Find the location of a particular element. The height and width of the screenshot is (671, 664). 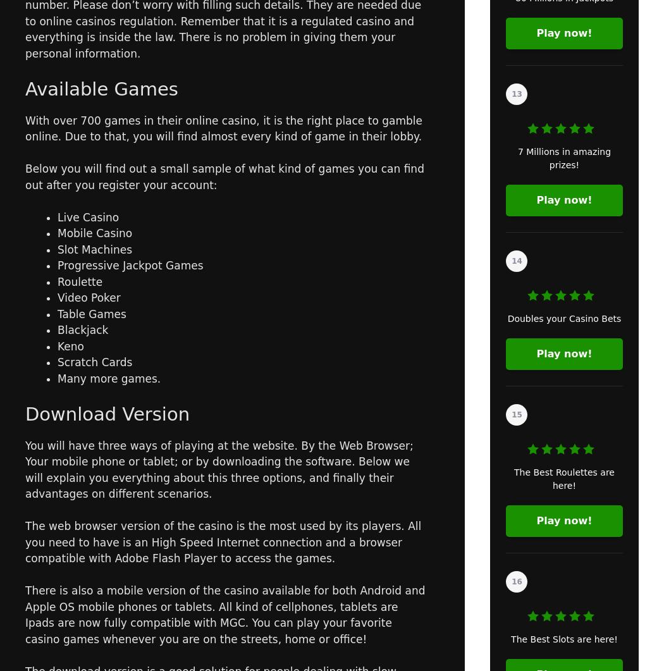

'Mobile Casino' is located at coordinates (95, 233).